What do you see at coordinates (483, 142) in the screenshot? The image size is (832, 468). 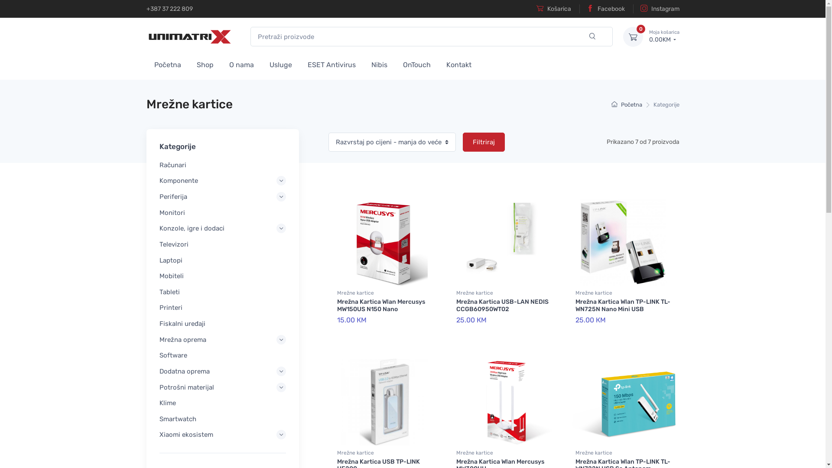 I see `'Filtriraj'` at bounding box center [483, 142].